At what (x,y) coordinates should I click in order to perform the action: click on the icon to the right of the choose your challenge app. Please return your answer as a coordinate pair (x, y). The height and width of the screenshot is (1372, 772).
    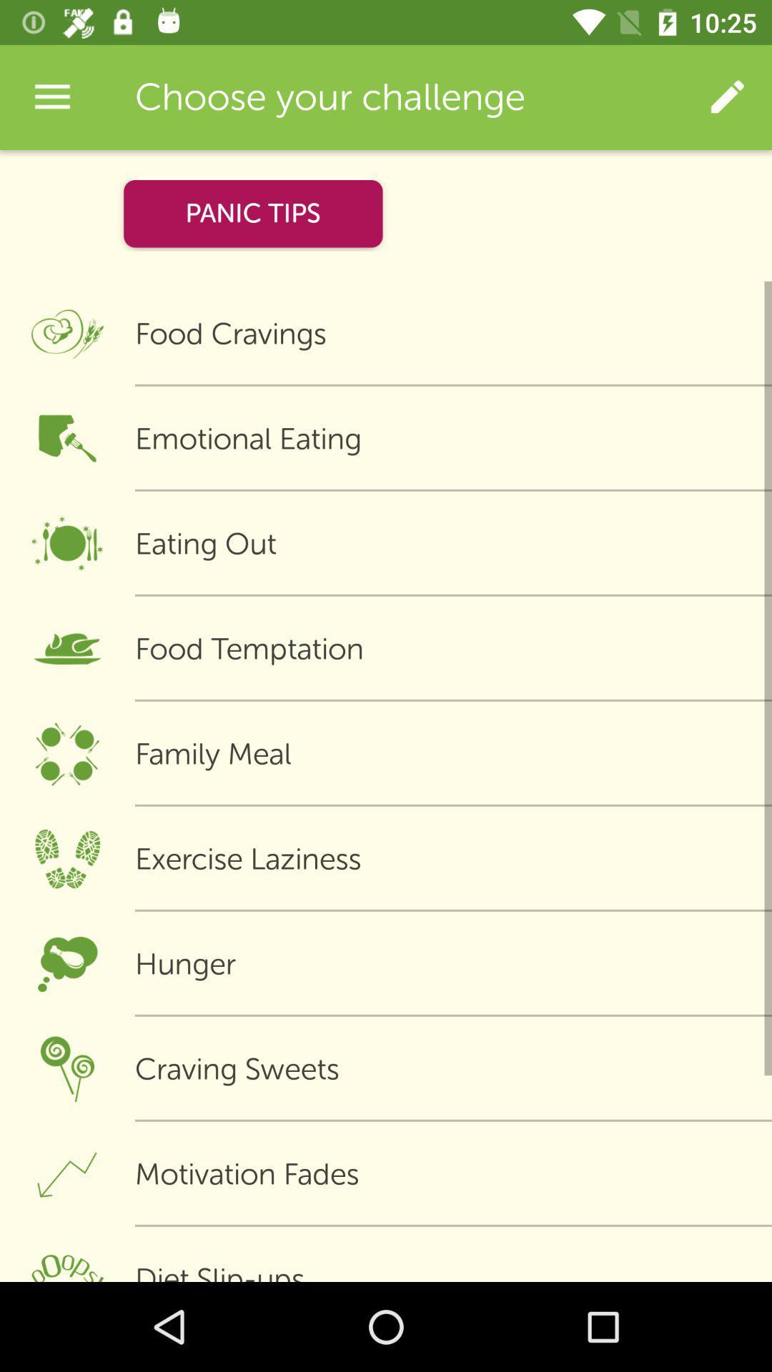
    Looking at the image, I should click on (727, 96).